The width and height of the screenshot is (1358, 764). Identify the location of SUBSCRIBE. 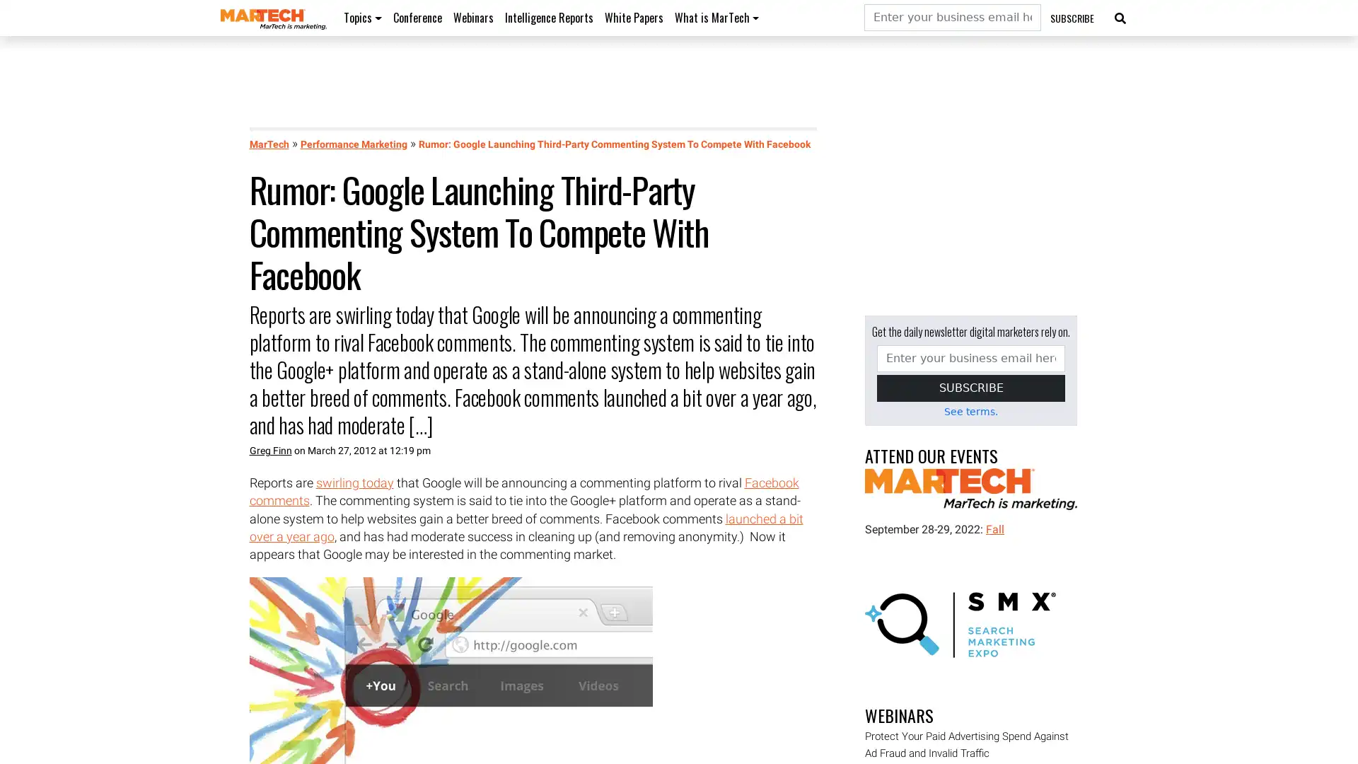
(970, 387).